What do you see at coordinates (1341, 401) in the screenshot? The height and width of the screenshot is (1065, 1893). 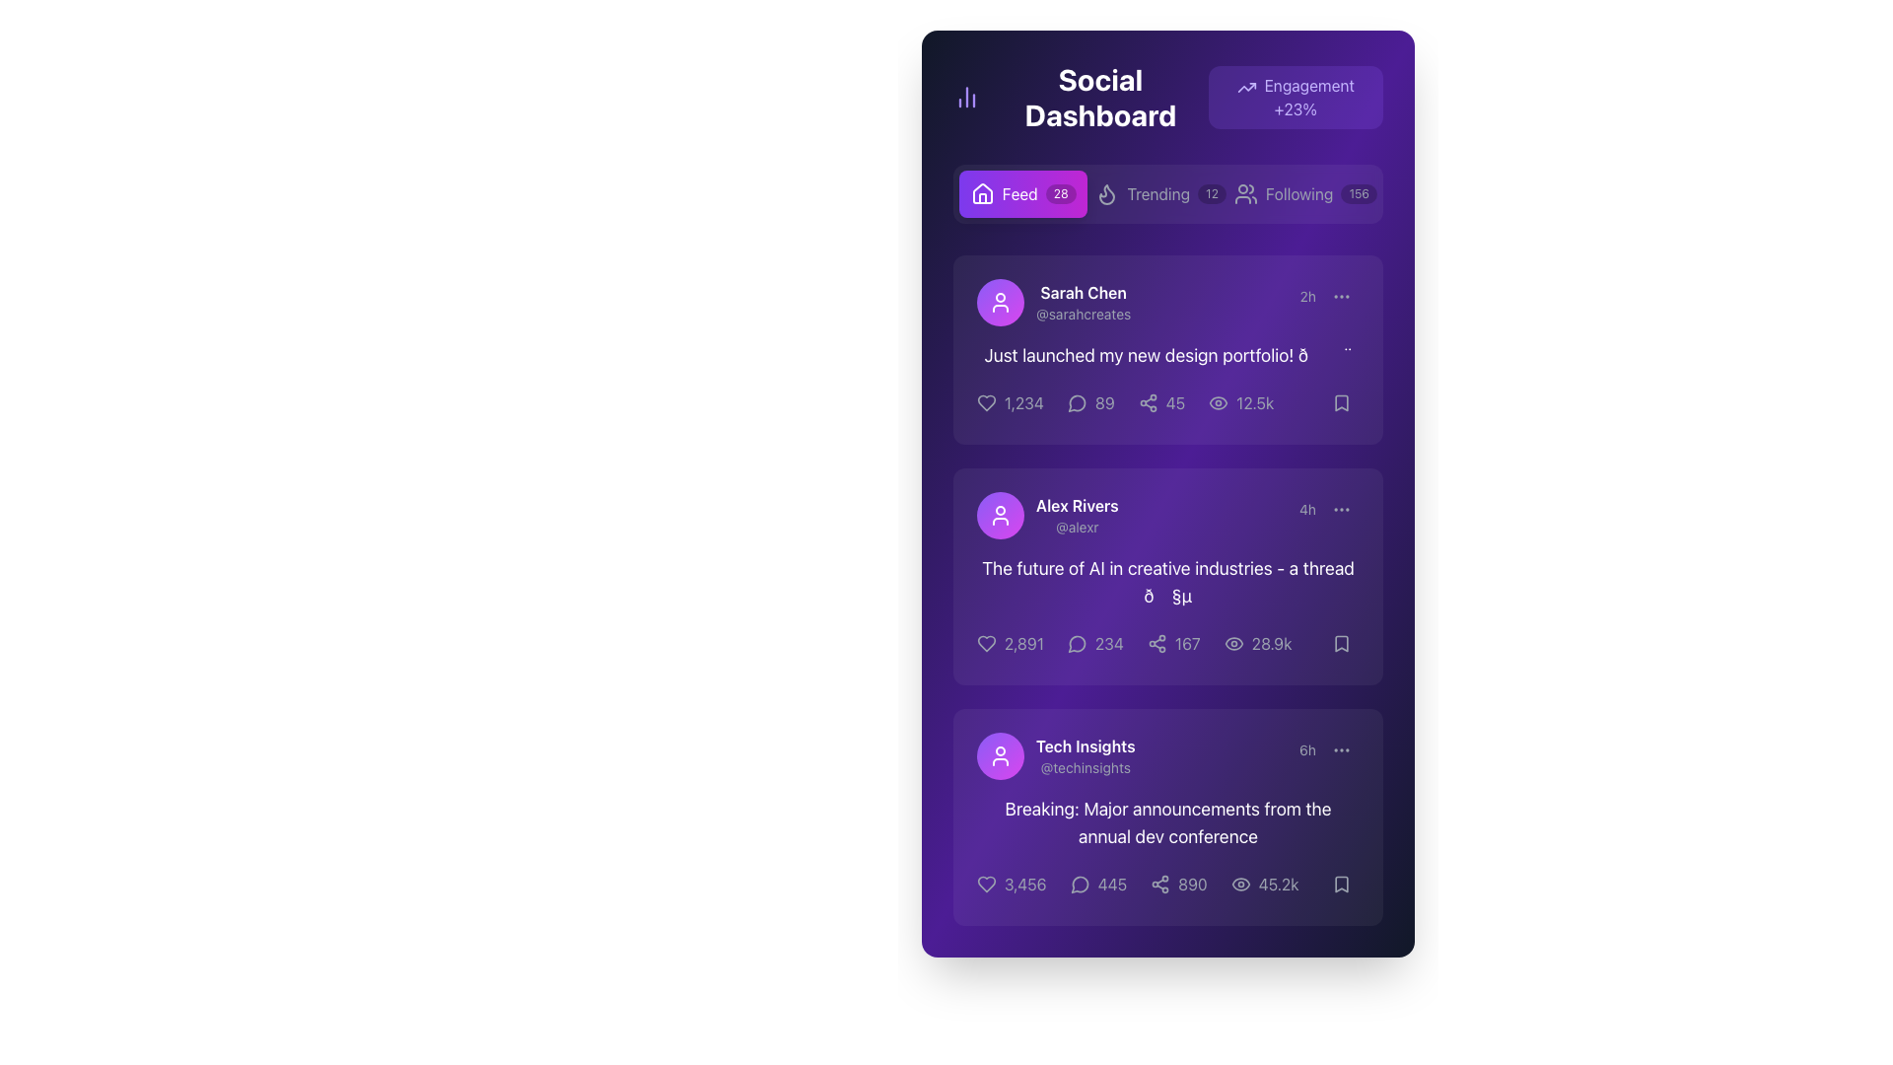 I see `the bookmark button, which is a minimalist icon with a purple background located in the top post card of the feed section, near the bottom-right corner adjacent` at bounding box center [1341, 401].